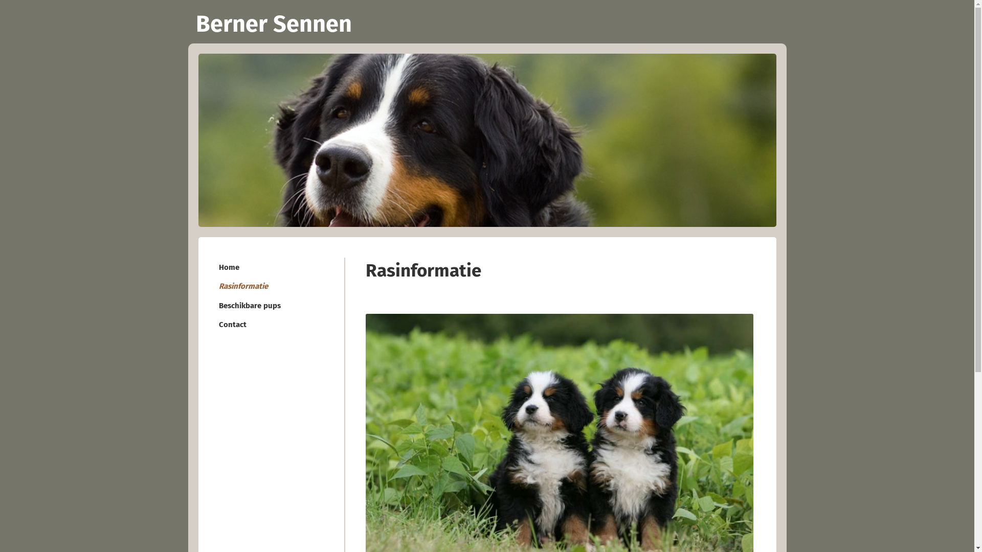 The width and height of the screenshot is (982, 552). I want to click on 'Beschikbare pups', so click(272, 305).